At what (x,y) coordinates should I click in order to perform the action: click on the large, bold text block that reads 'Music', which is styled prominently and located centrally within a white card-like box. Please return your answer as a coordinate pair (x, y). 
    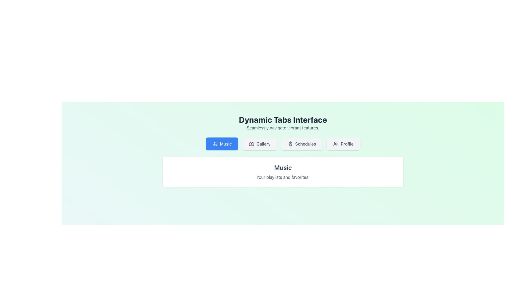
    Looking at the image, I should click on (282, 167).